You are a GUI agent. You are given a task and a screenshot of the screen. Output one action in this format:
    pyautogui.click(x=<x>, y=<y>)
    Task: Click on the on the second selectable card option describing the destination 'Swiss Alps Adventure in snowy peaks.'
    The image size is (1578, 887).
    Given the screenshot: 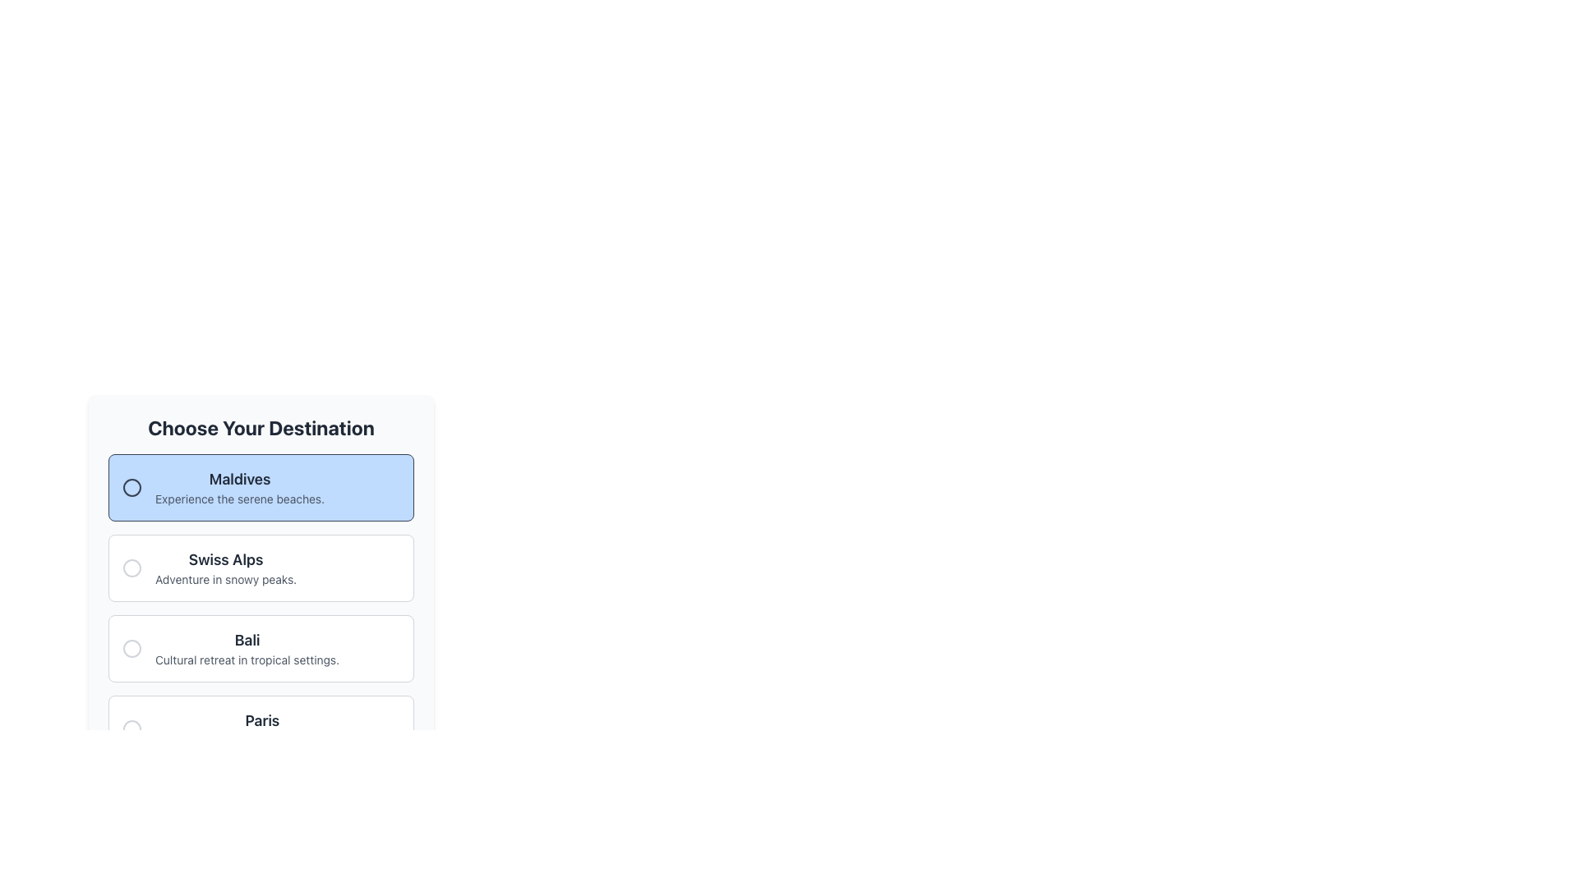 What is the action you would take?
    pyautogui.click(x=260, y=552)
    